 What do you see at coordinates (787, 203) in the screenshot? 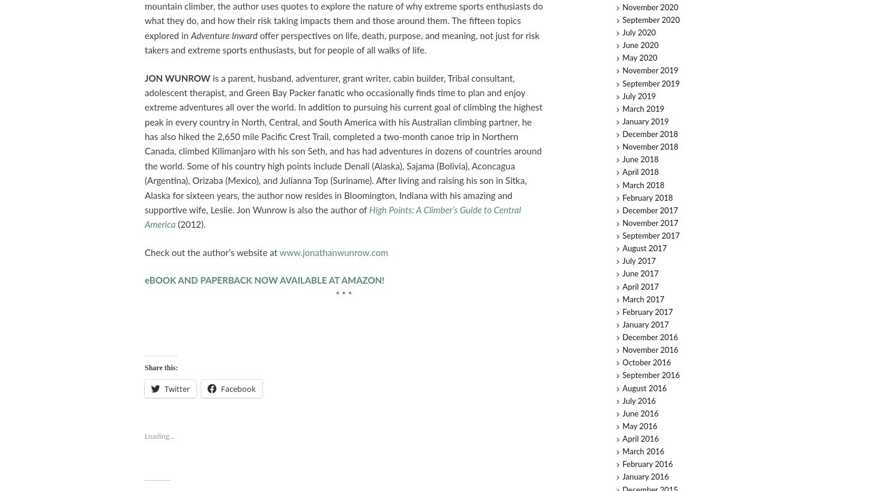
I see `'Comment'` at bounding box center [787, 203].